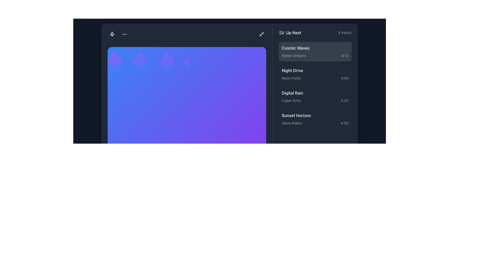 The width and height of the screenshot is (492, 276). What do you see at coordinates (315, 119) in the screenshot?
I see `the fourth list item in the 'Up Next' section` at bounding box center [315, 119].